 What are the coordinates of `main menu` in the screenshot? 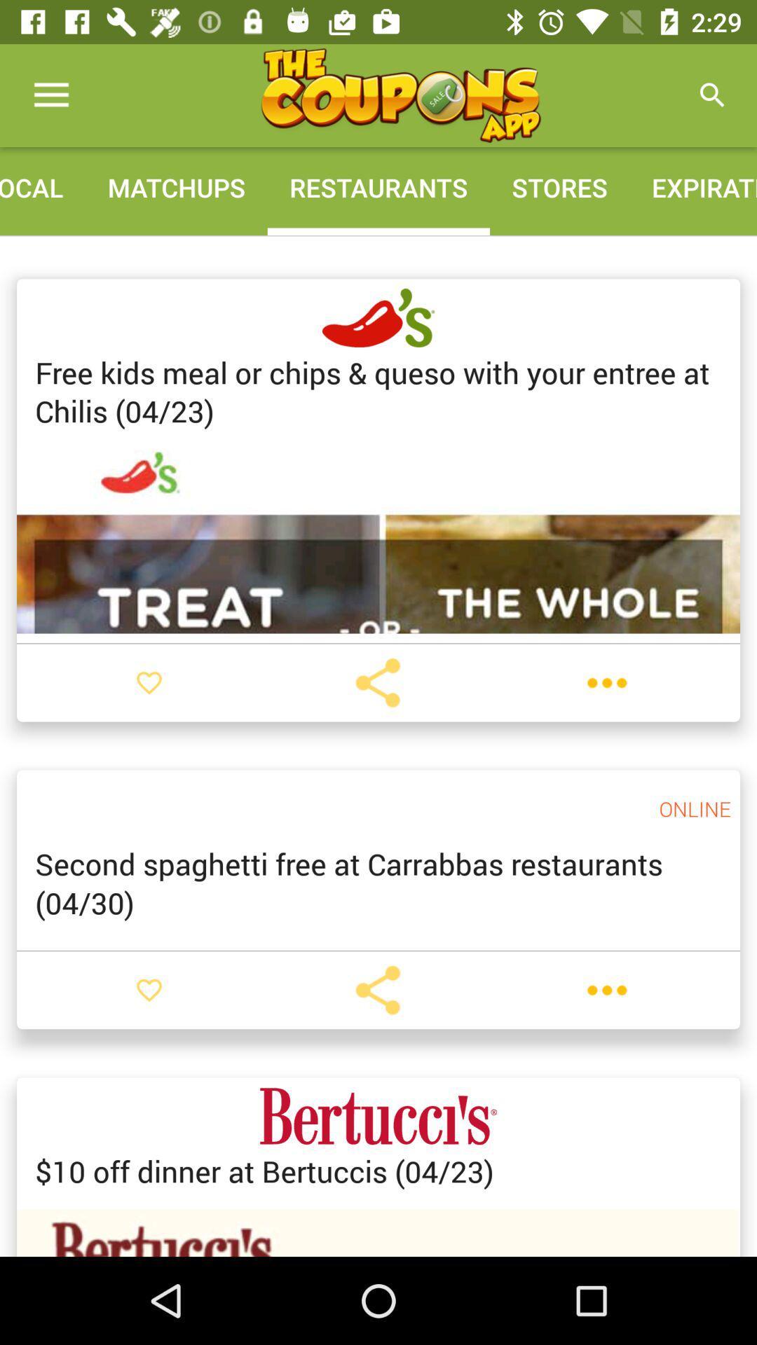 It's located at (400, 95).